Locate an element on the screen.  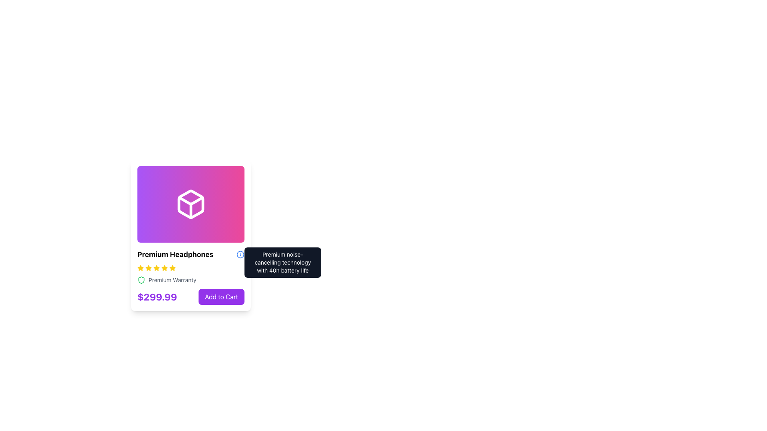
the static text label indicating warranty information, which is located to the right of a green shield icon in the product description card is located at coordinates (172, 280).